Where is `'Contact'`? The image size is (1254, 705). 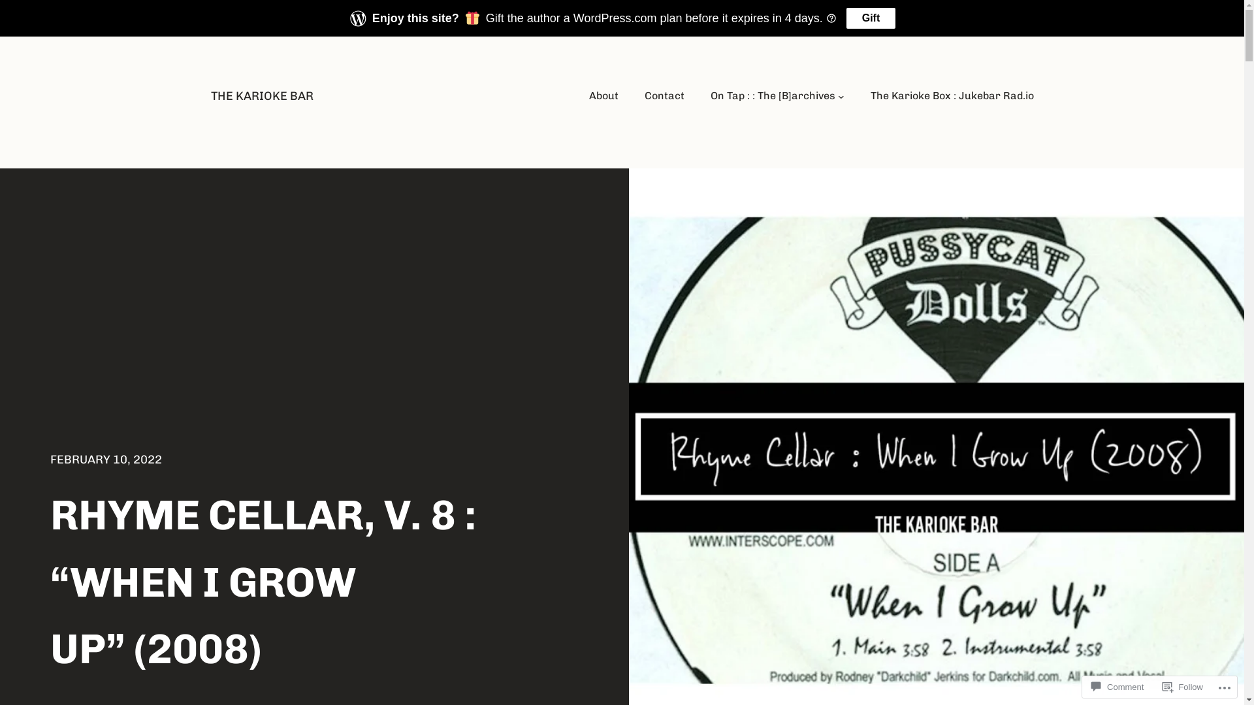 'Contact' is located at coordinates (664, 95).